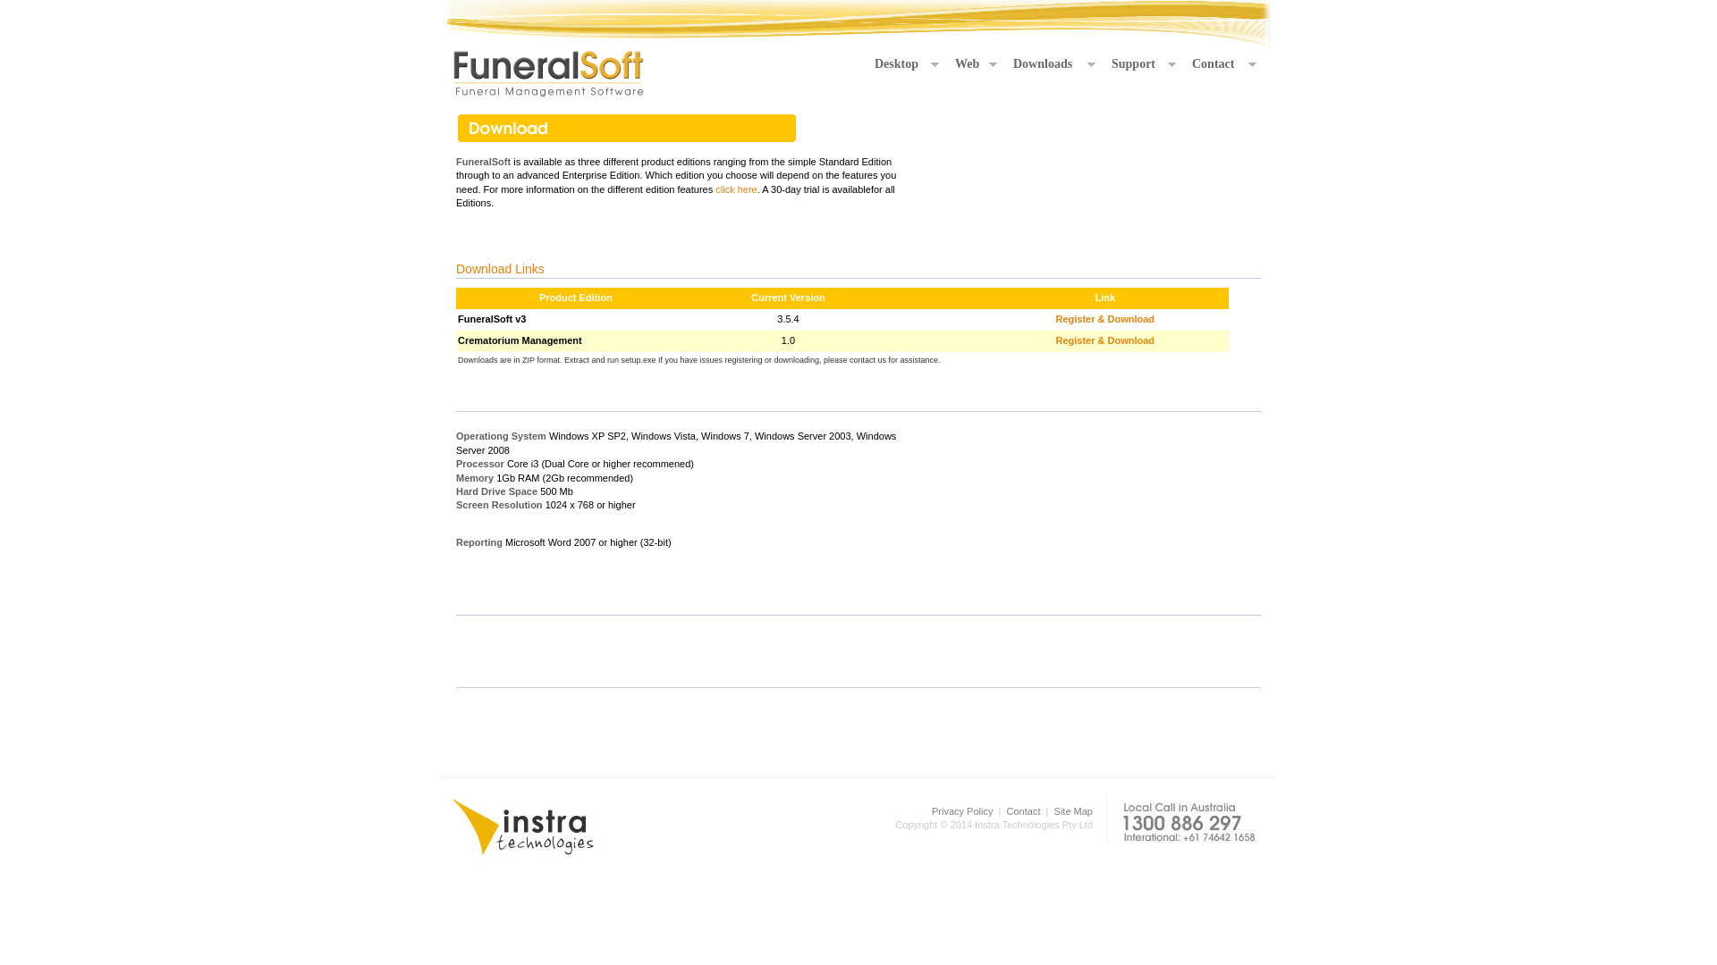 Image resolution: width=1717 pixels, height=965 pixels. I want to click on 'Desktop', so click(905, 63).